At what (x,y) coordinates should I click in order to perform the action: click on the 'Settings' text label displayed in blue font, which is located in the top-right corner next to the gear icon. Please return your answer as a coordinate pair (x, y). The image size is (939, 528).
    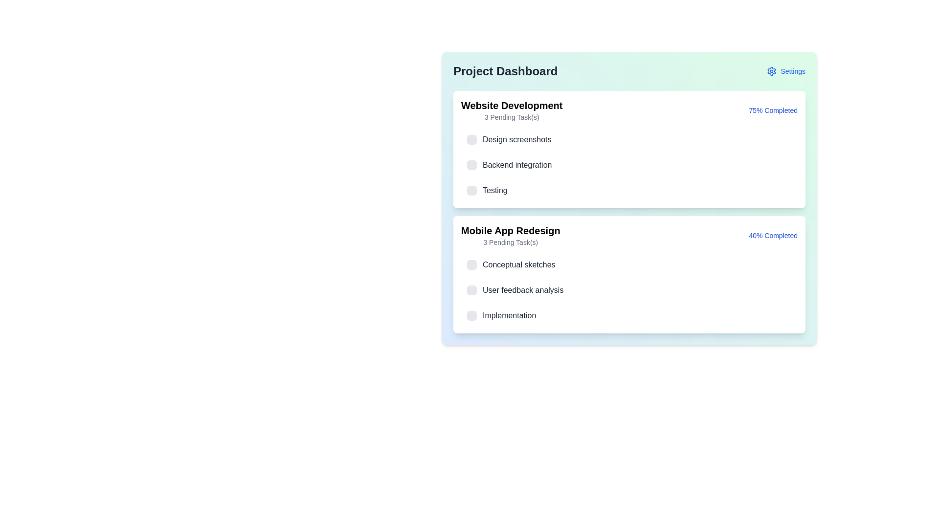
    Looking at the image, I should click on (793, 71).